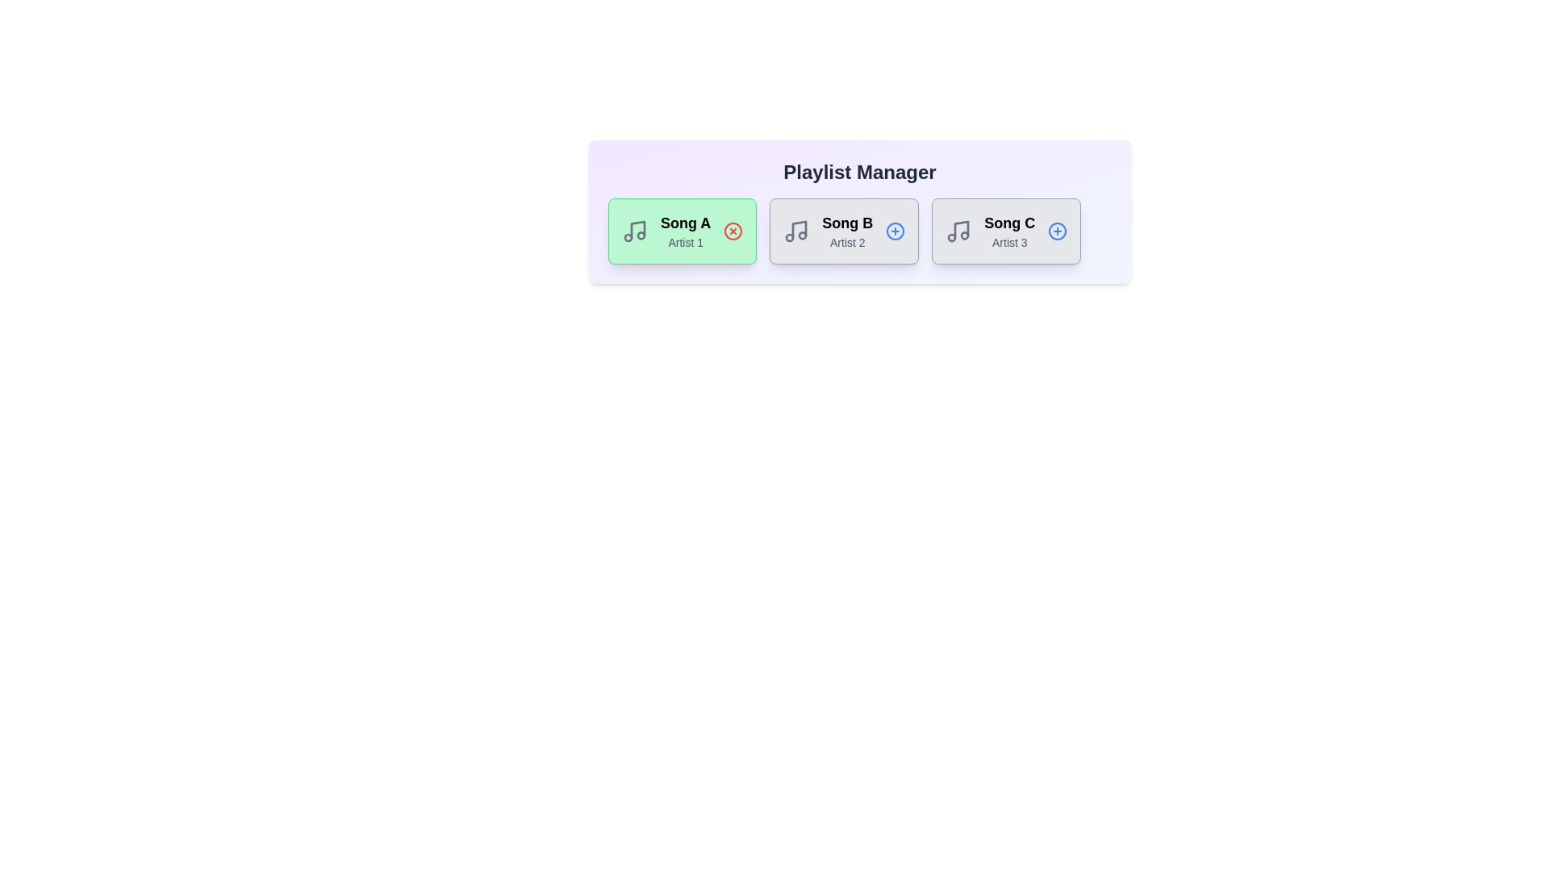  What do you see at coordinates (682, 231) in the screenshot?
I see `the song card for Song A to observe the hover effect` at bounding box center [682, 231].